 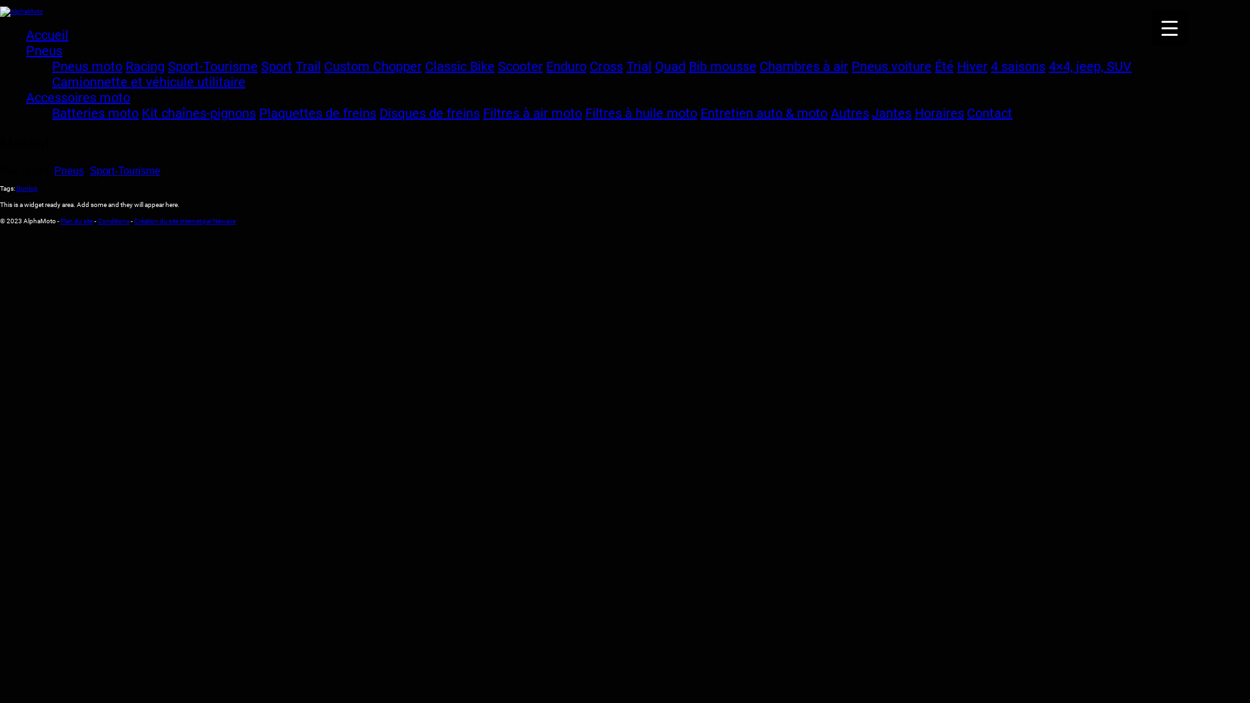 What do you see at coordinates (25, 97) in the screenshot?
I see `'Accessoires moto'` at bounding box center [25, 97].